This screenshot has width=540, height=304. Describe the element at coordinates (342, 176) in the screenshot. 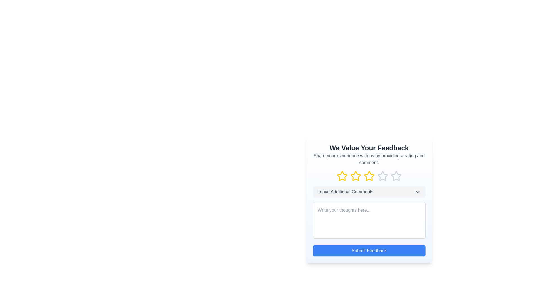

I see `the first star rating icon in the five-star rating scale on the feedback panel titled 'We Value Your Feedback'` at that location.